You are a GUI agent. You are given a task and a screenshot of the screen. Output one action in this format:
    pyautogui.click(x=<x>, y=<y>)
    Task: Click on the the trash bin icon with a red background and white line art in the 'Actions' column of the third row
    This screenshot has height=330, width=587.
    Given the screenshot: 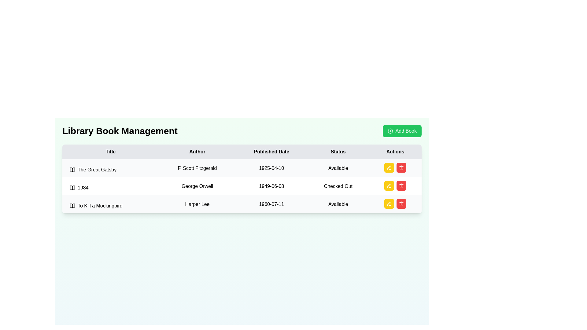 What is the action you would take?
    pyautogui.click(x=401, y=204)
    